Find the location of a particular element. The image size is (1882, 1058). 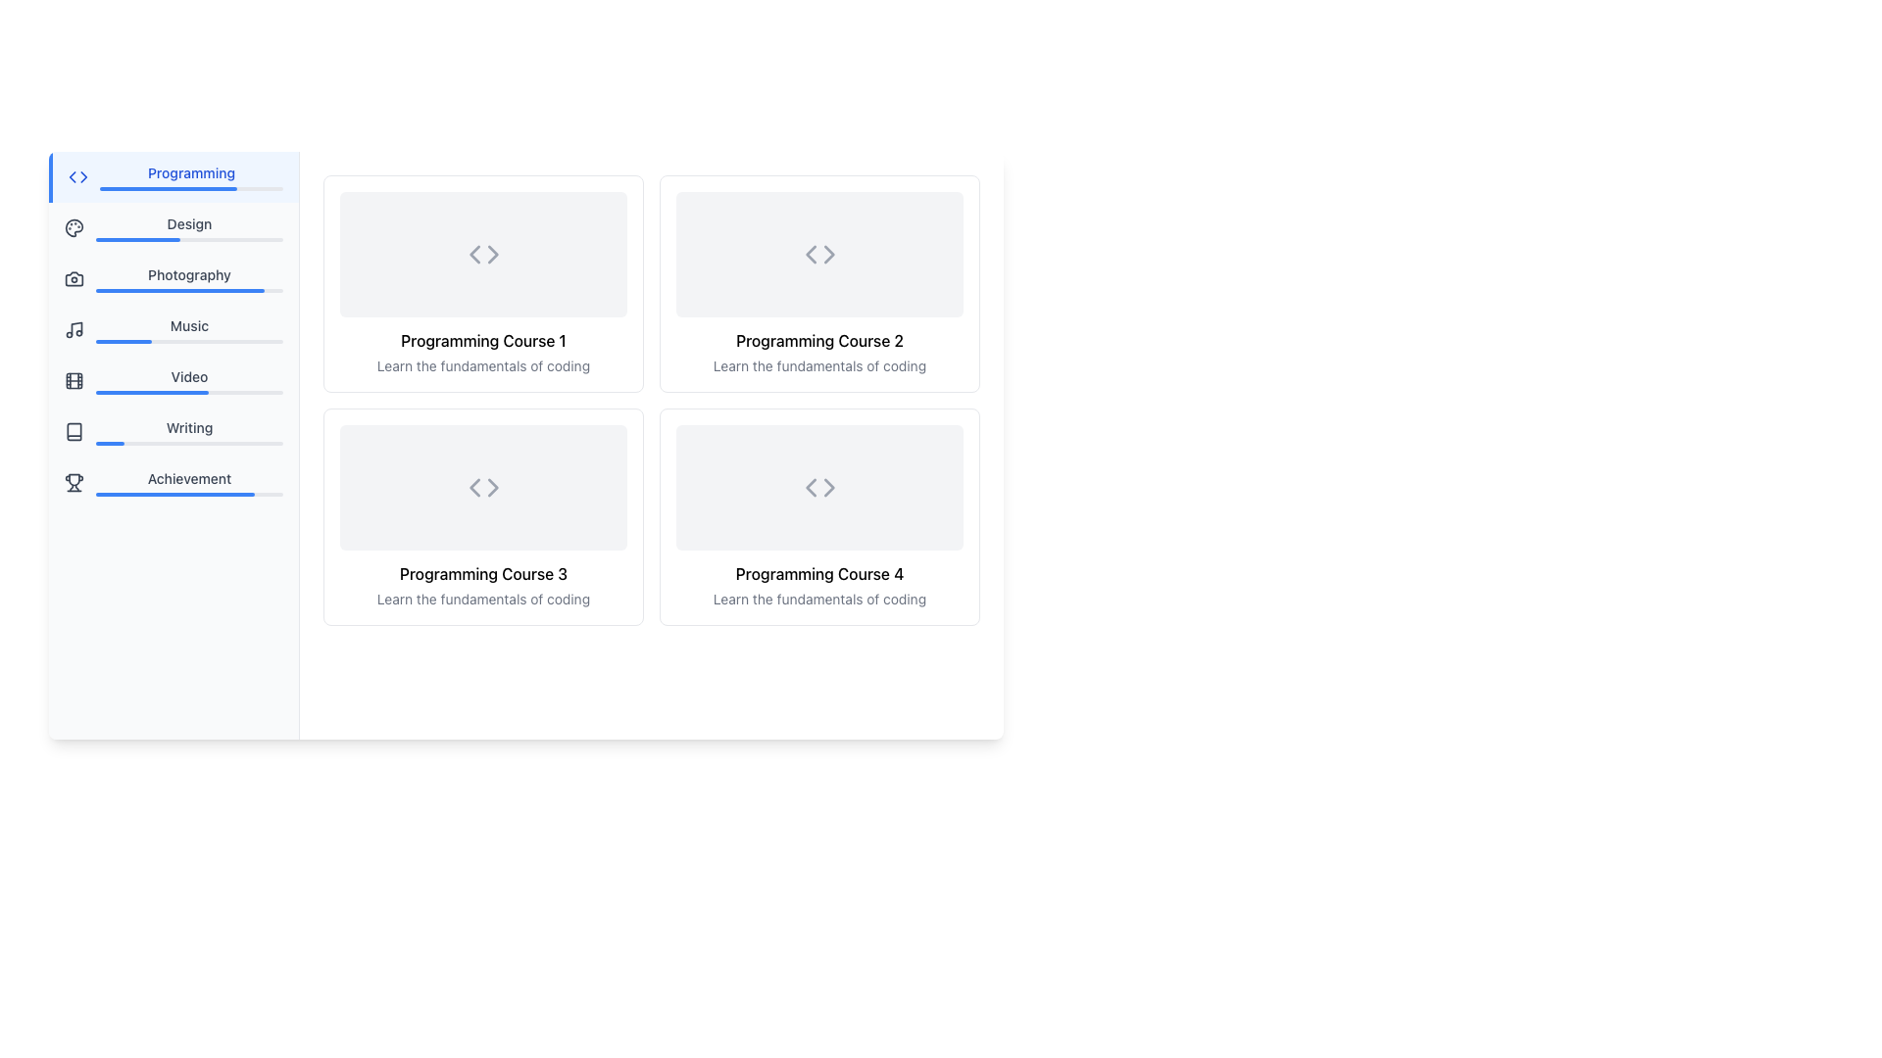

the Progress bar located below the 'Programming' label in the vertical sidebar navigation on the left side of the interface is located at coordinates (191, 188).